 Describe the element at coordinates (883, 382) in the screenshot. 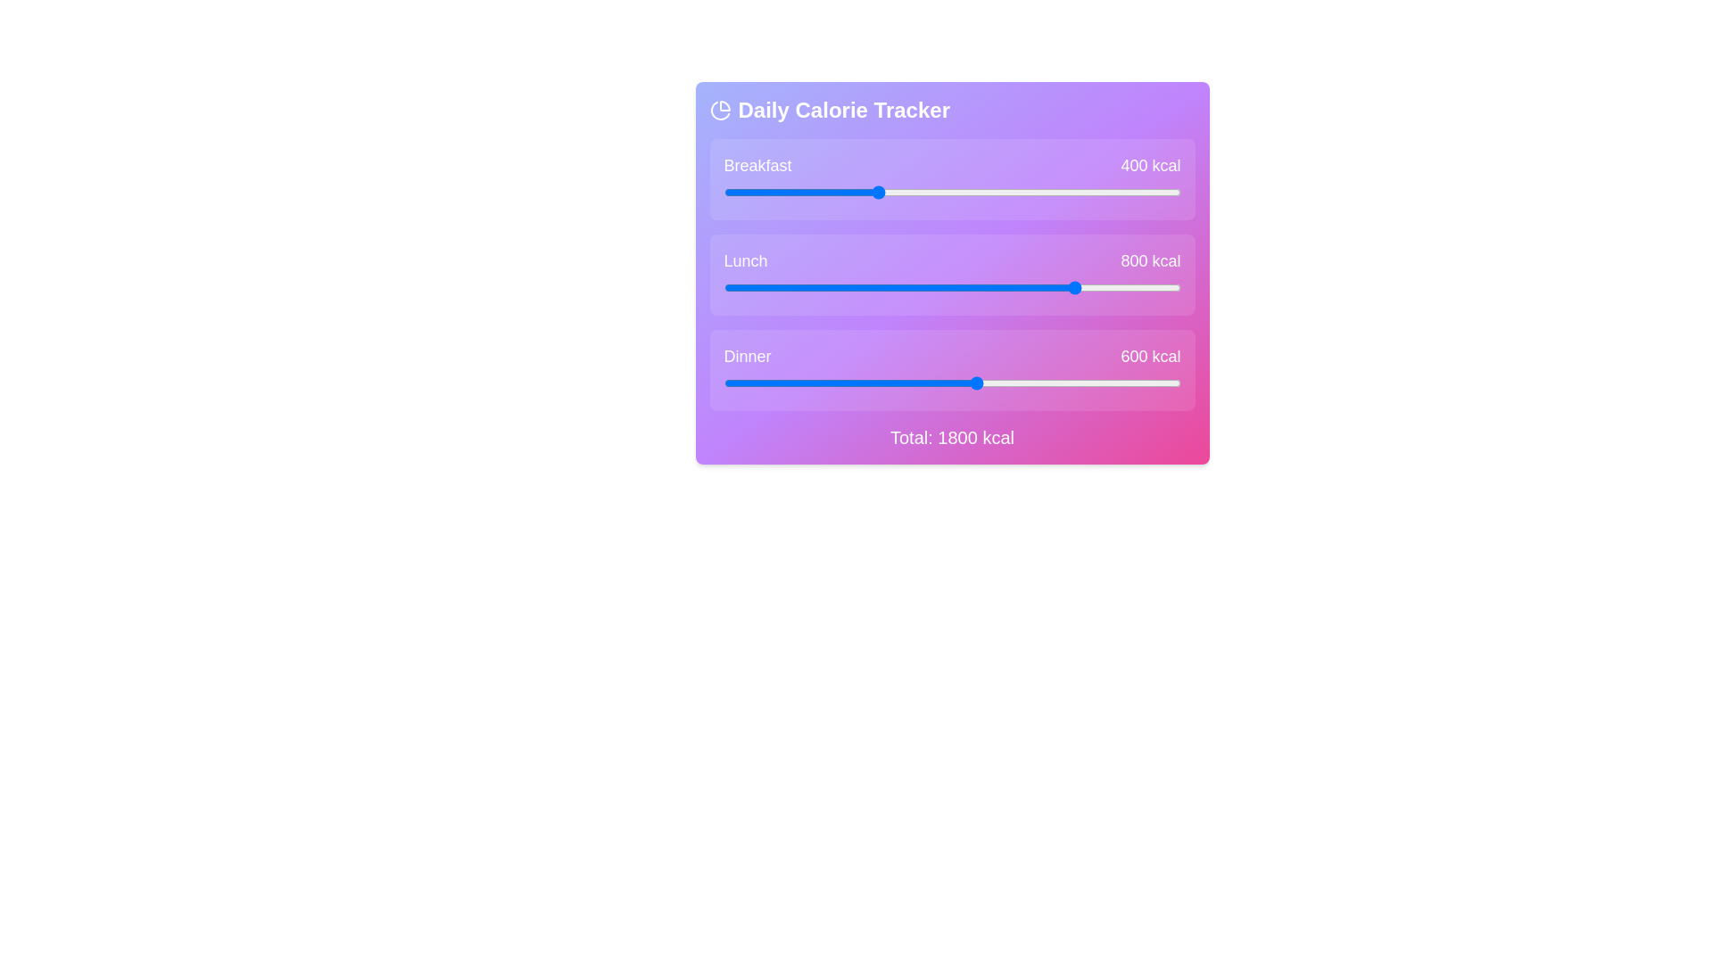

I see `the dinner calorie value` at that location.